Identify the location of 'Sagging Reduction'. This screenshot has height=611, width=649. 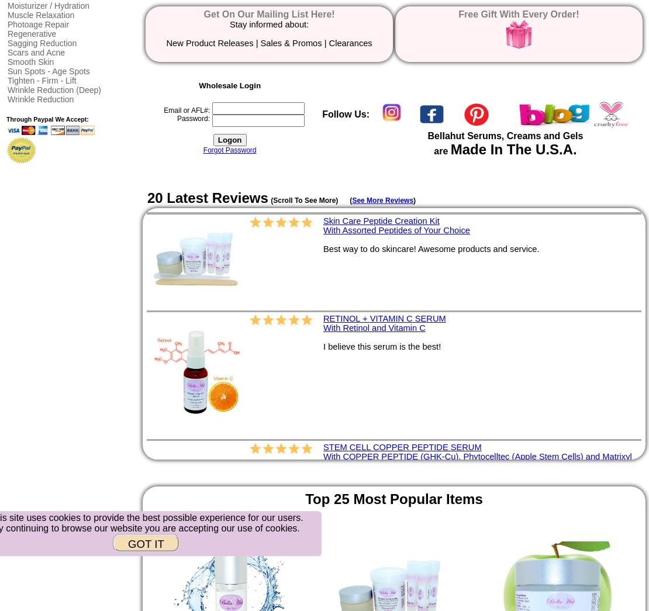
(7, 43).